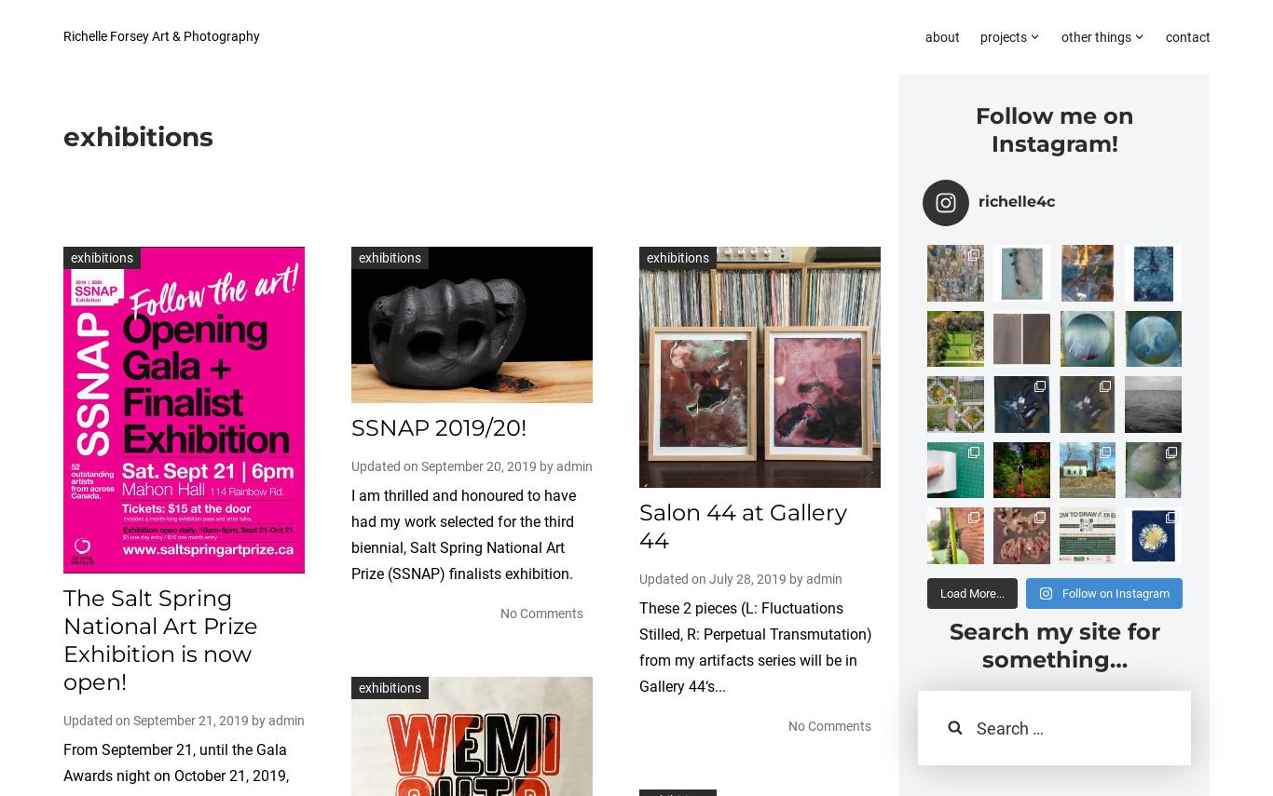 The height and width of the screenshot is (796, 1273). I want to click on 'Search my site for something…', so click(1053, 644).